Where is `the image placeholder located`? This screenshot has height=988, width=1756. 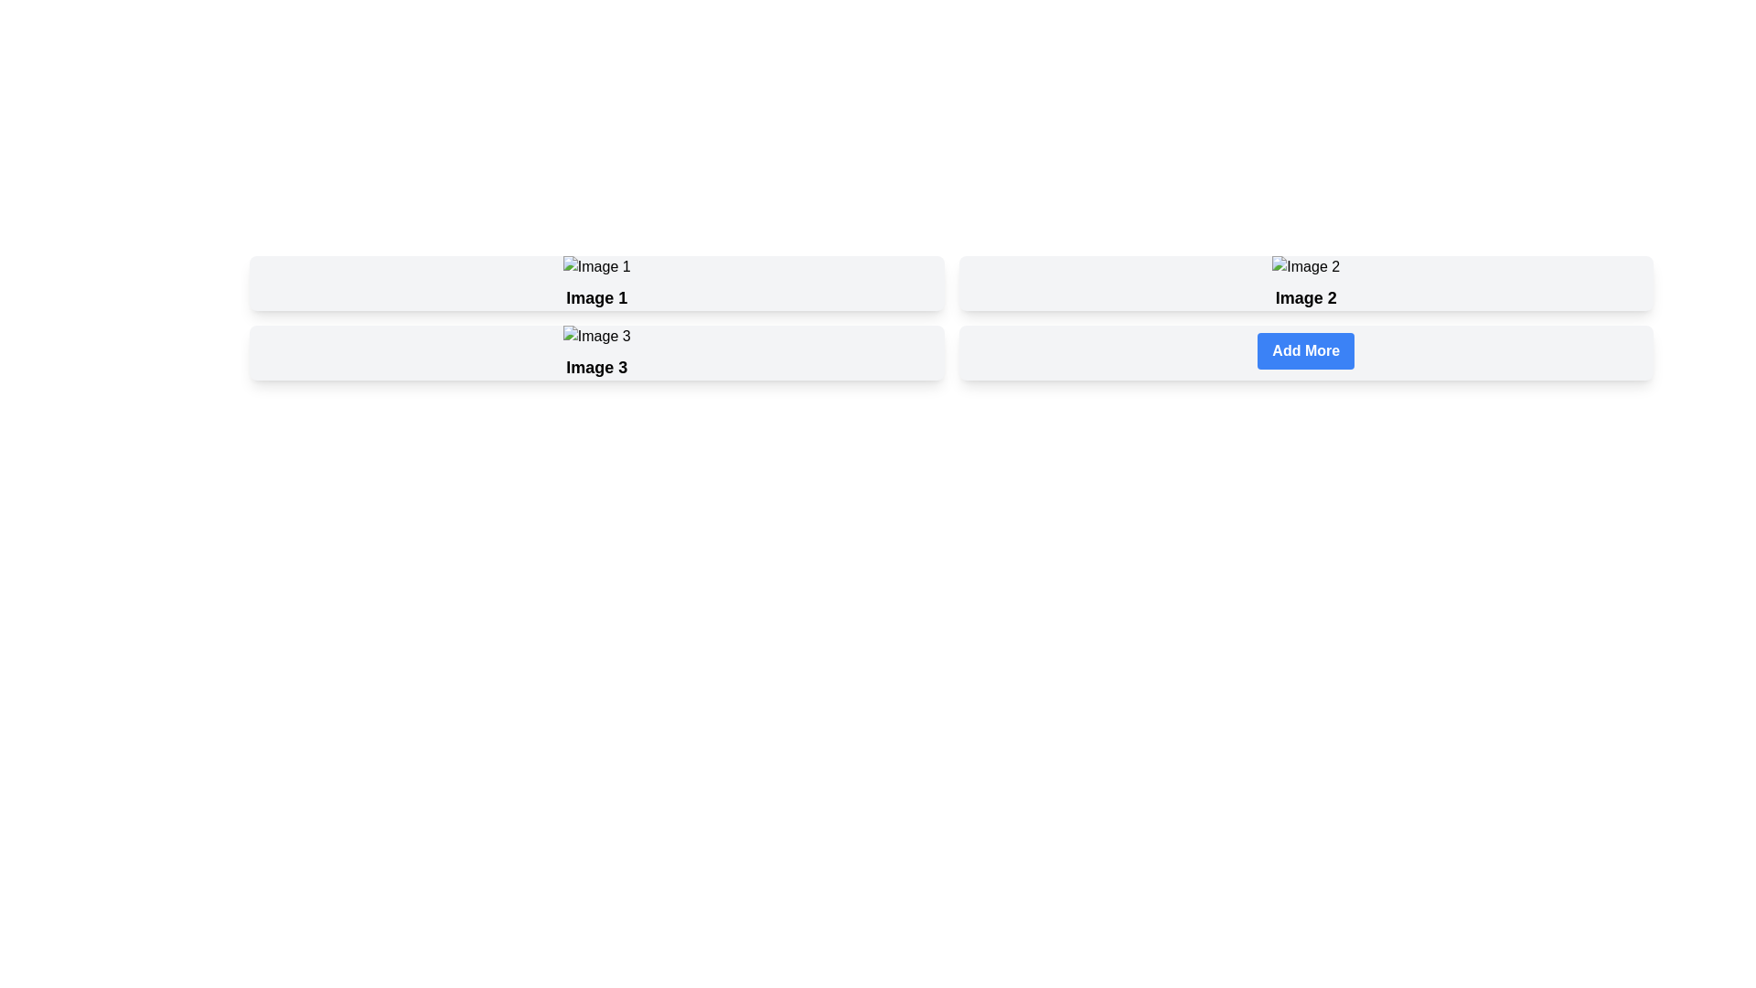
the image placeholder located is located at coordinates (1305, 267).